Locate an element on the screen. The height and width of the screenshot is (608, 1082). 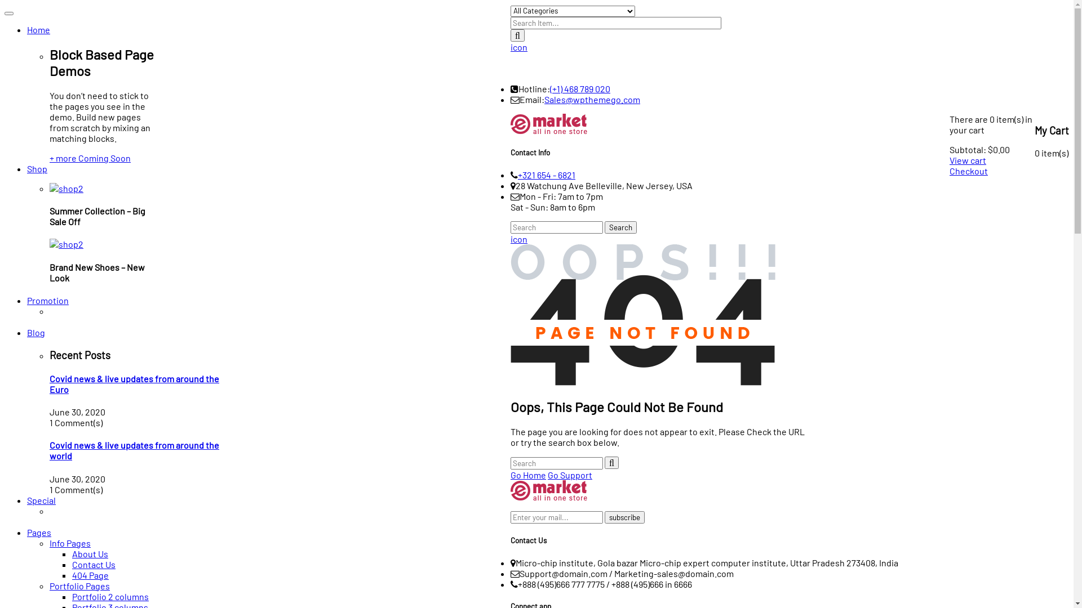
'+321 654 - 6821' is located at coordinates (546, 175).